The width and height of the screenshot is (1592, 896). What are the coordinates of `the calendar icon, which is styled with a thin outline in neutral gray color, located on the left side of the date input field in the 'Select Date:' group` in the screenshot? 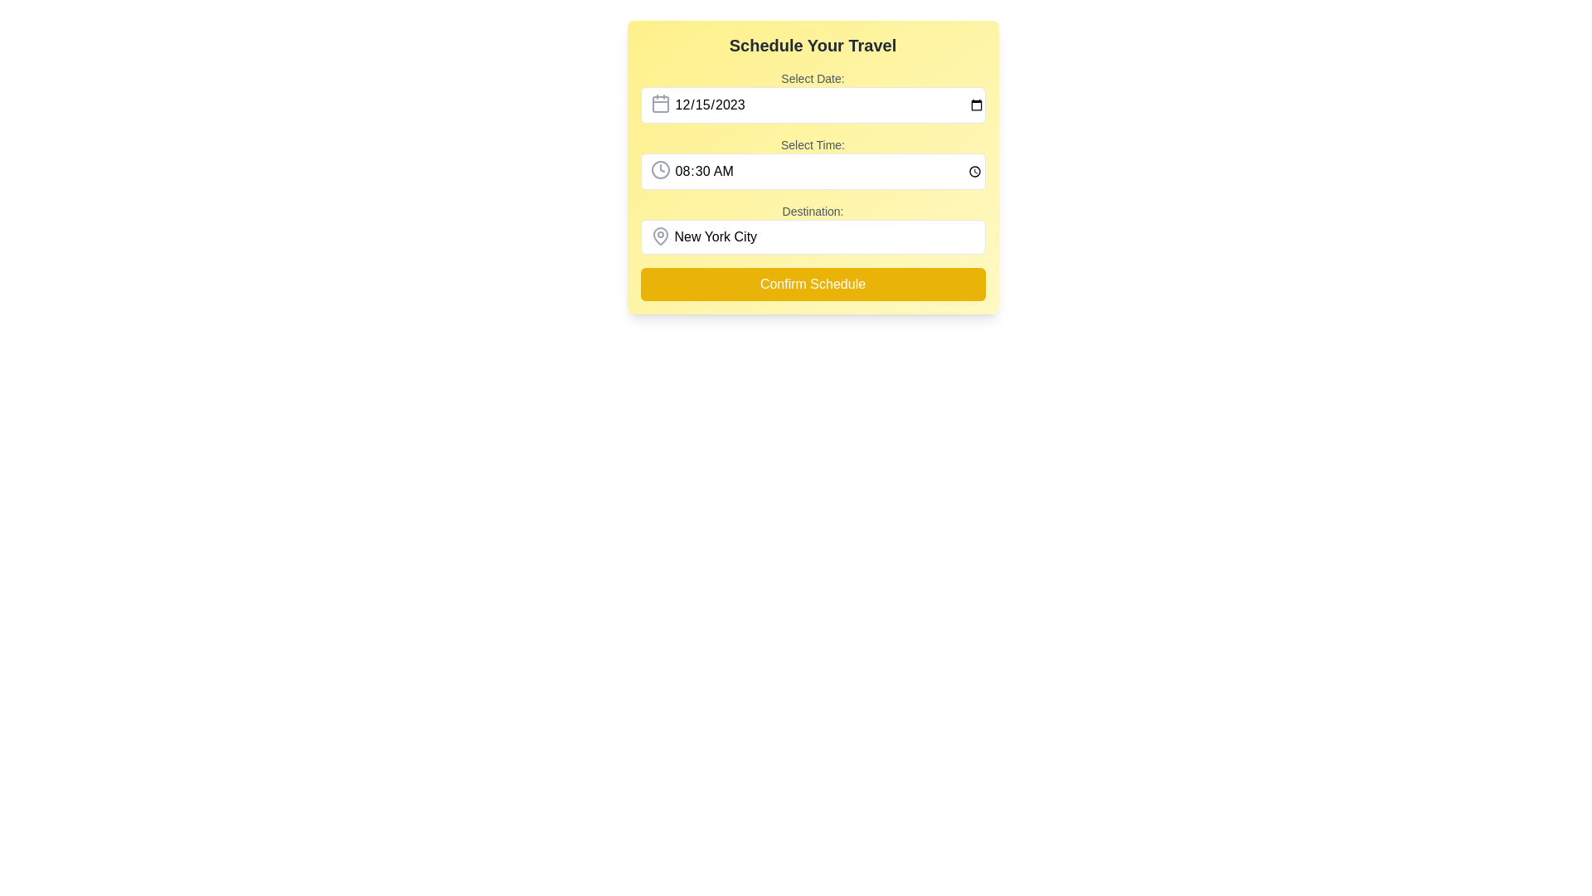 It's located at (659, 103).